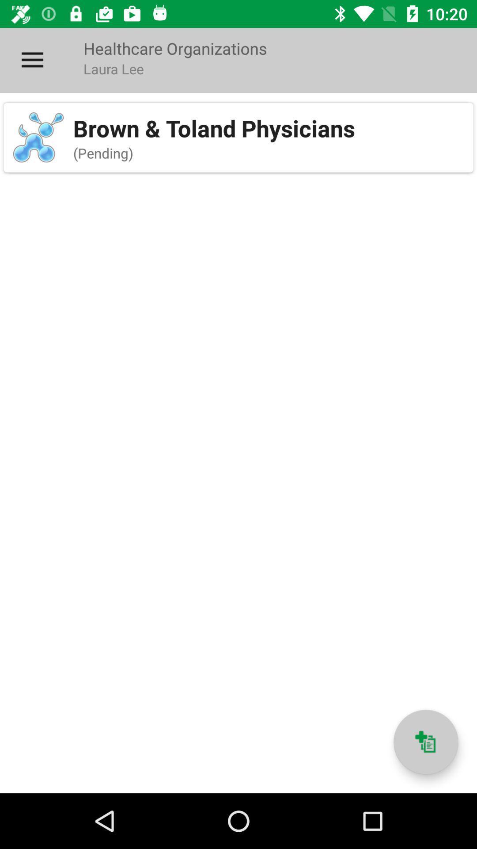 This screenshot has height=849, width=477. What do you see at coordinates (425, 742) in the screenshot?
I see `new healthcare organization` at bounding box center [425, 742].